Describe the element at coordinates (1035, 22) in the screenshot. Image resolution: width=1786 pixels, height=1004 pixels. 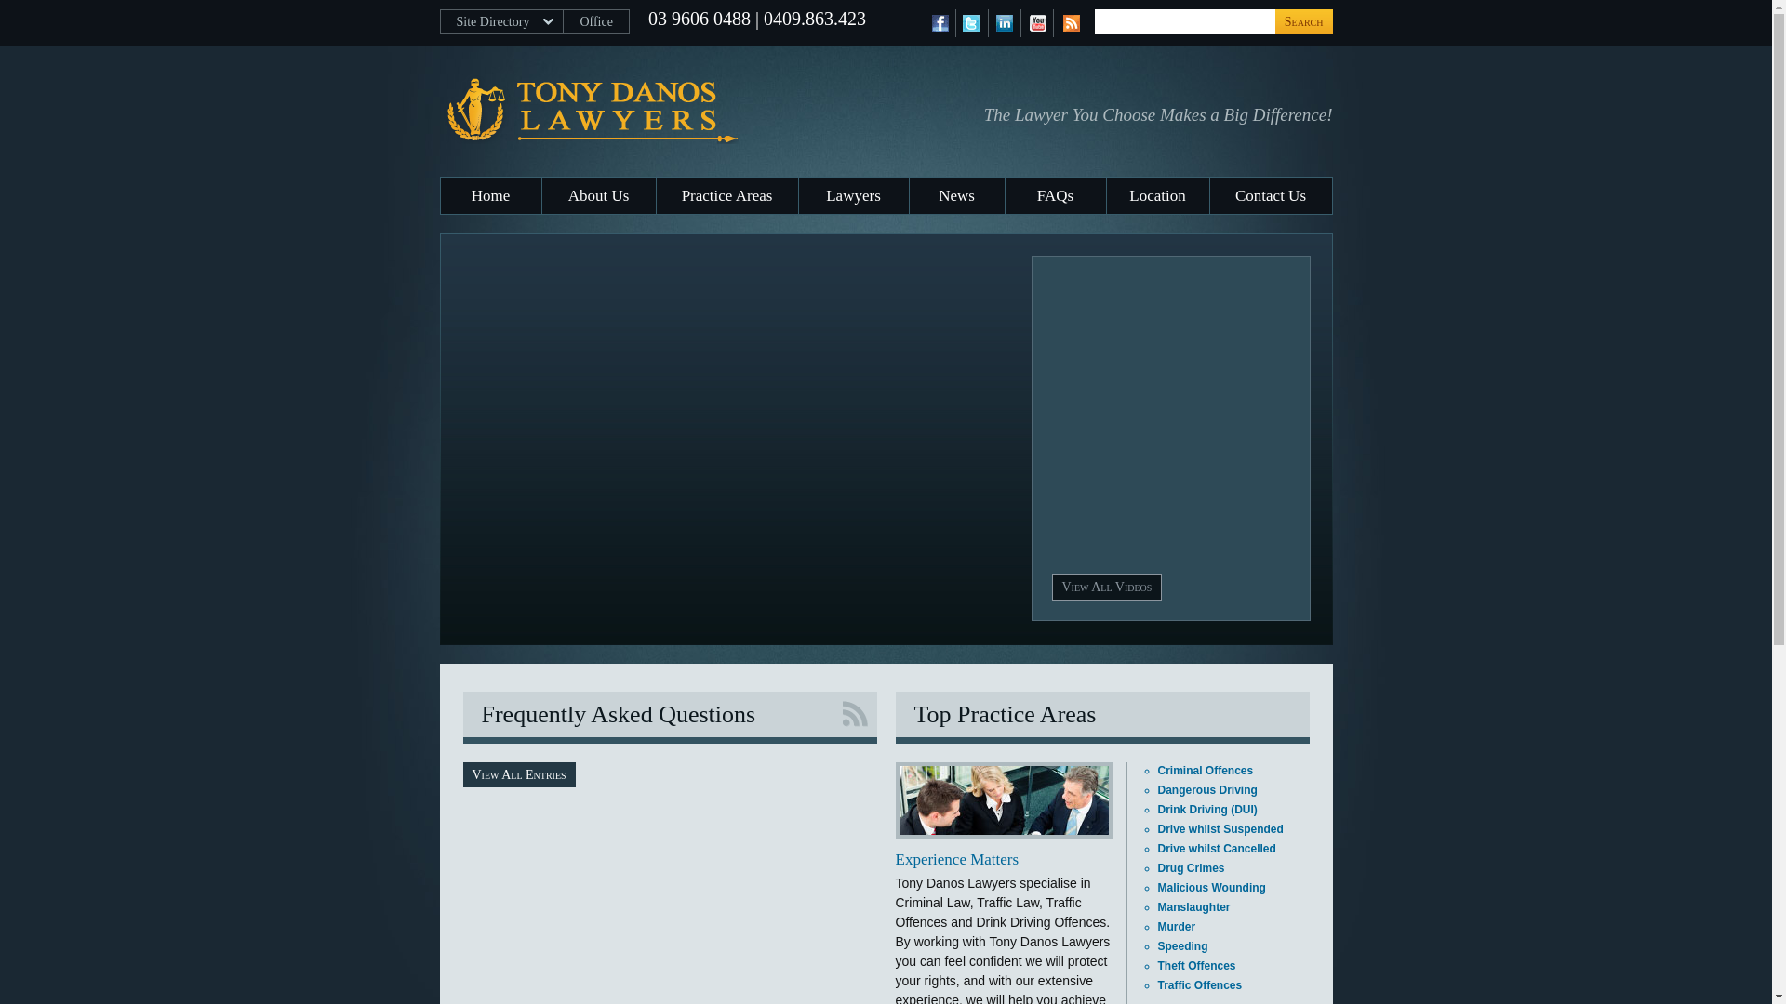
I see `'YouTube'` at that location.